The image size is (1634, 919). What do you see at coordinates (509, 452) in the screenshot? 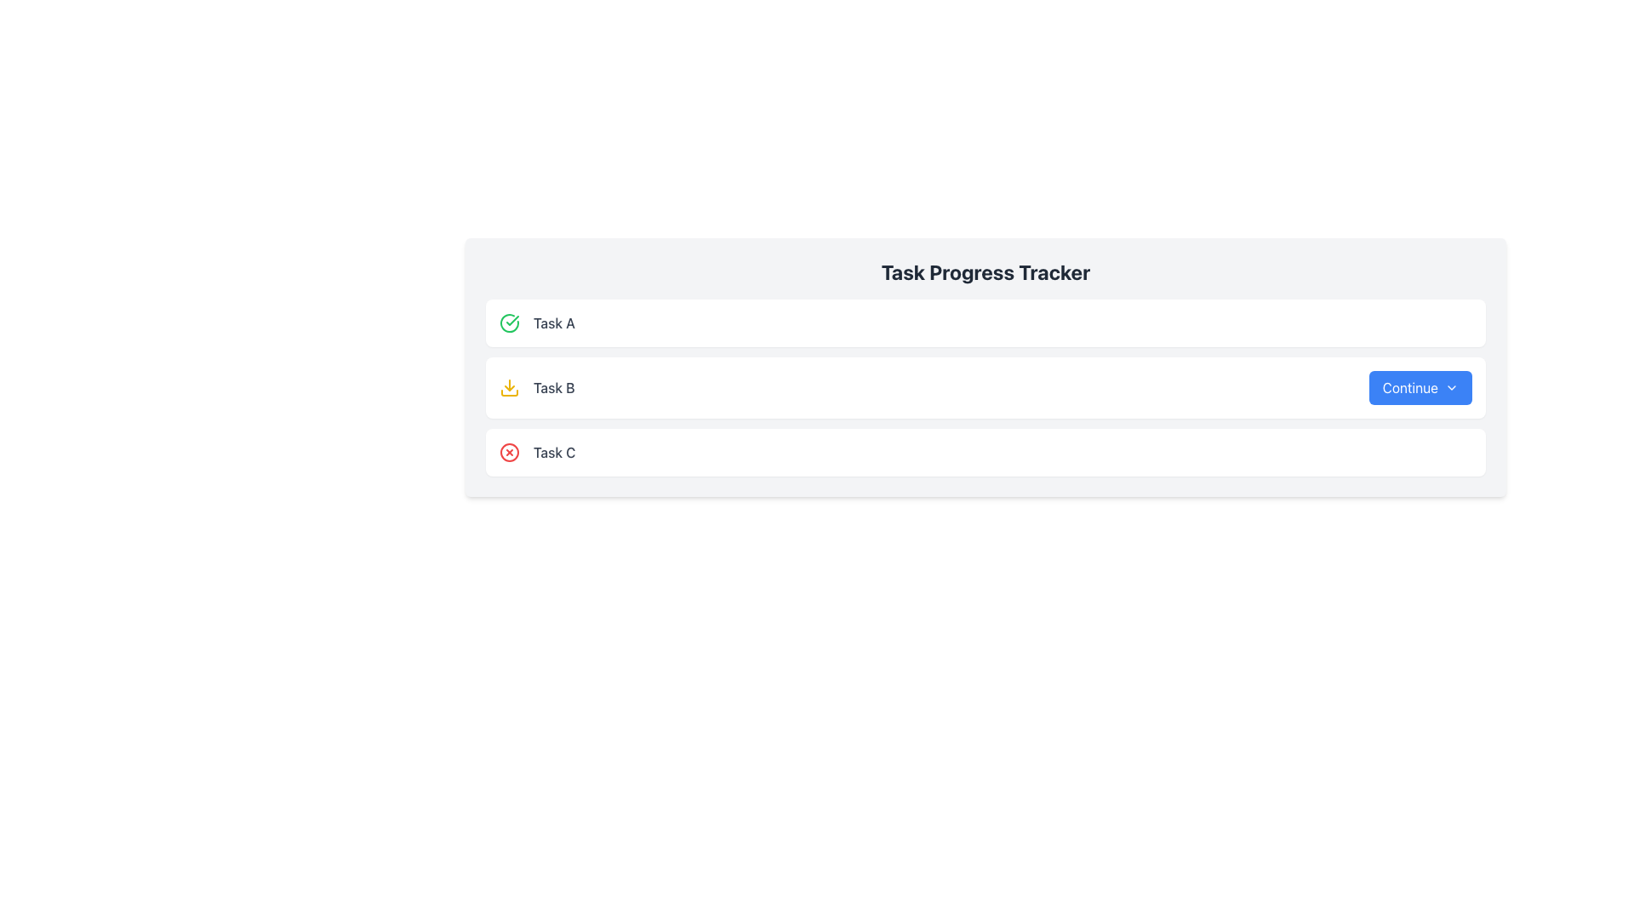
I see `the leftmost icon indicating a negative or error state for 'Task C'` at bounding box center [509, 452].